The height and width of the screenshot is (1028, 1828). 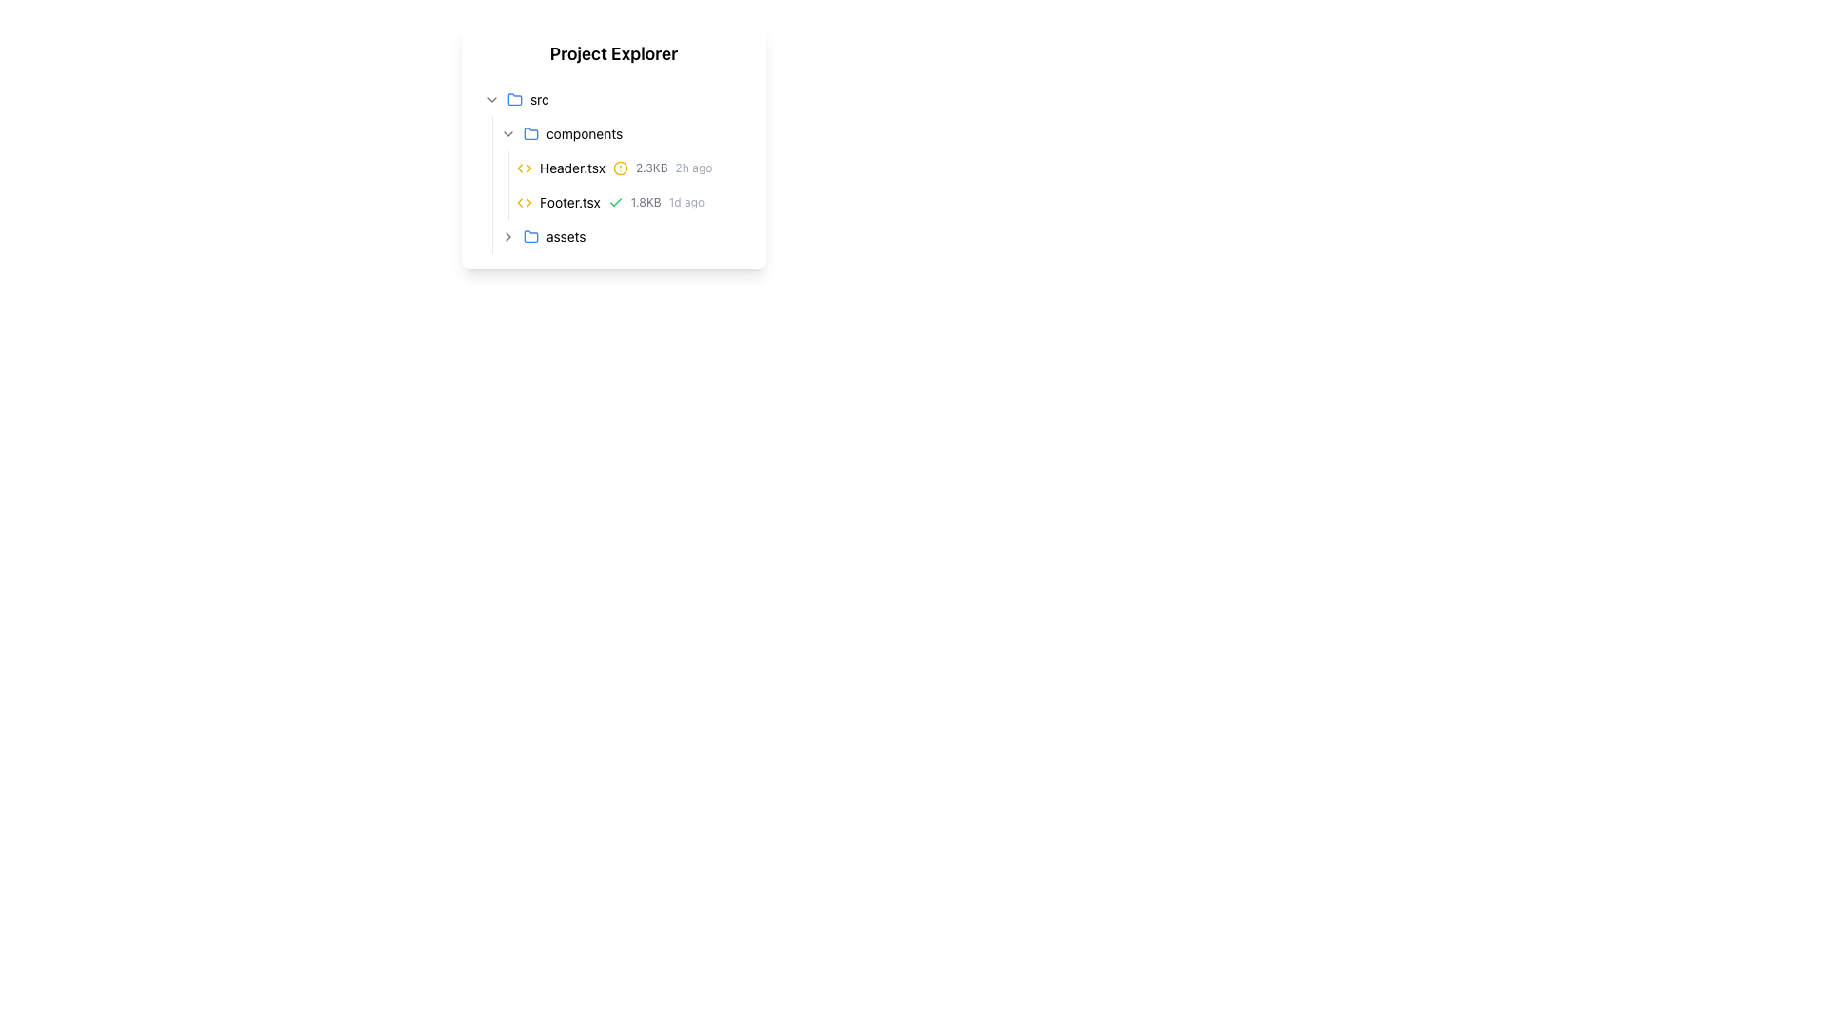 What do you see at coordinates (693, 168) in the screenshot?
I see `the text label displaying '2h ago', which is located to the right of '2.3KB' in the file information line for 'Header.tsx'` at bounding box center [693, 168].